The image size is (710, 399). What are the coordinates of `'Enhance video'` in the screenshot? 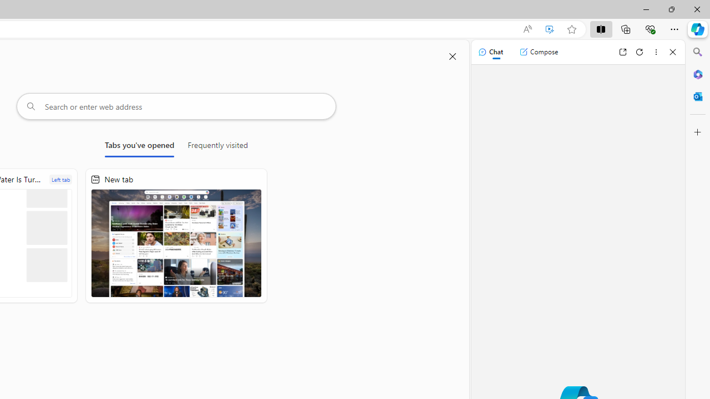 It's located at (550, 29).